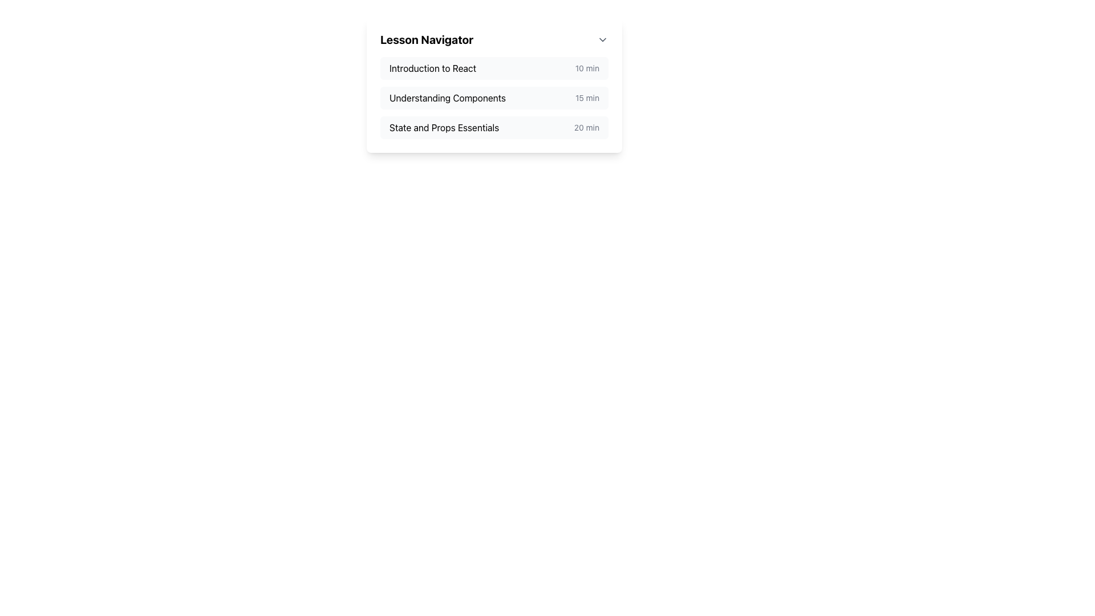 This screenshot has height=616, width=1095. What do you see at coordinates (426, 39) in the screenshot?
I see `the static text label located at the top of the dropdown menu, which serves as a heading for the associated list of lessons` at bounding box center [426, 39].